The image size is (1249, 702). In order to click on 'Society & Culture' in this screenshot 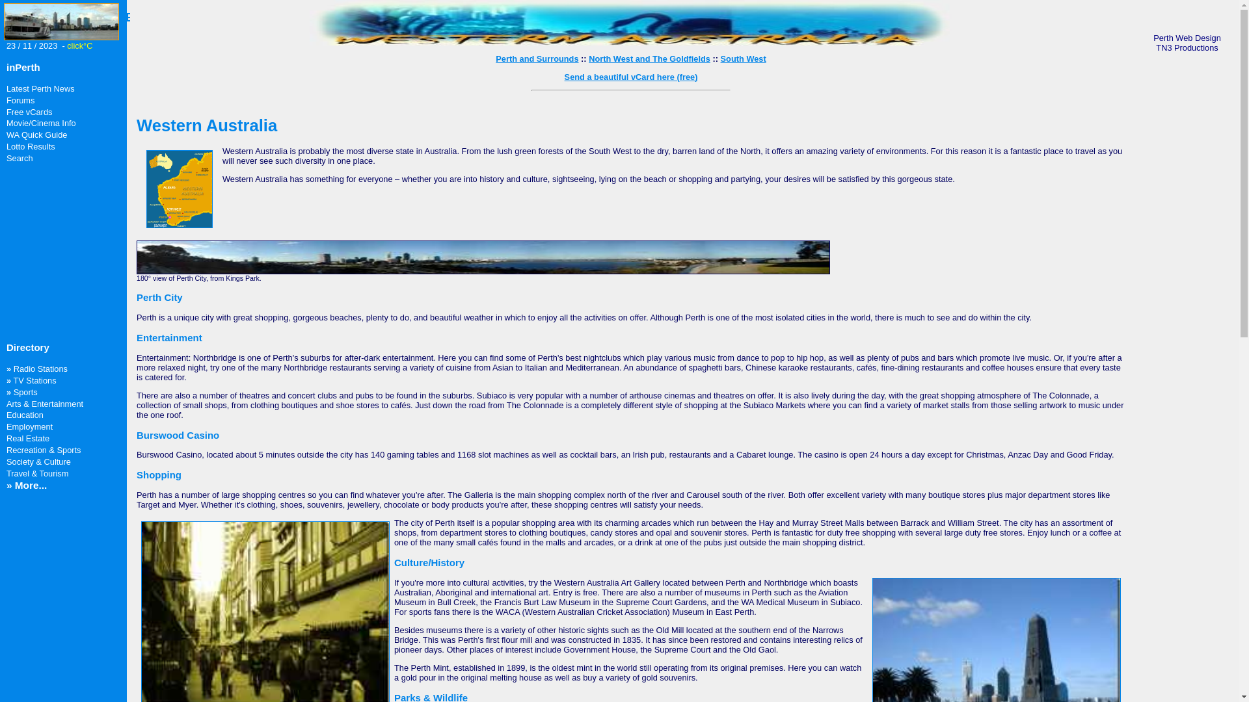, I will do `click(6, 461)`.